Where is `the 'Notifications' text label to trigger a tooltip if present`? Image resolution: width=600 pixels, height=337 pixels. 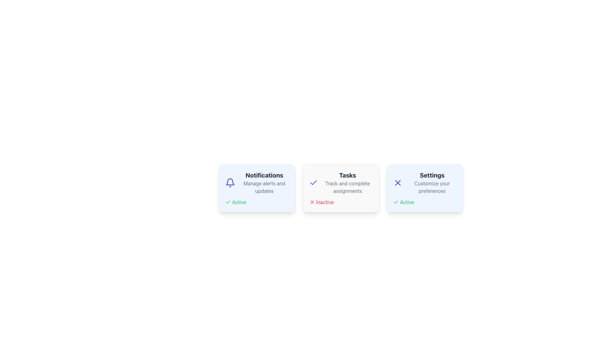 the 'Notifications' text label to trigger a tooltip if present is located at coordinates (264, 175).